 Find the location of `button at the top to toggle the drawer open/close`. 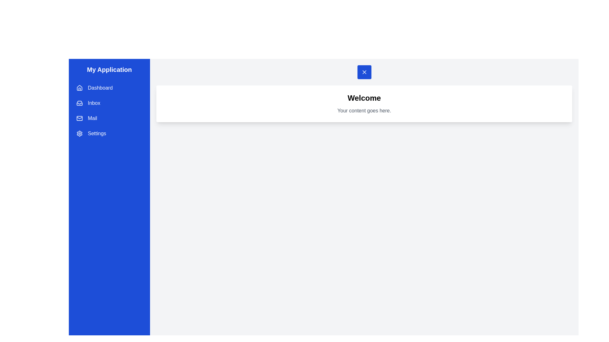

button at the top to toggle the drawer open/close is located at coordinates (364, 72).